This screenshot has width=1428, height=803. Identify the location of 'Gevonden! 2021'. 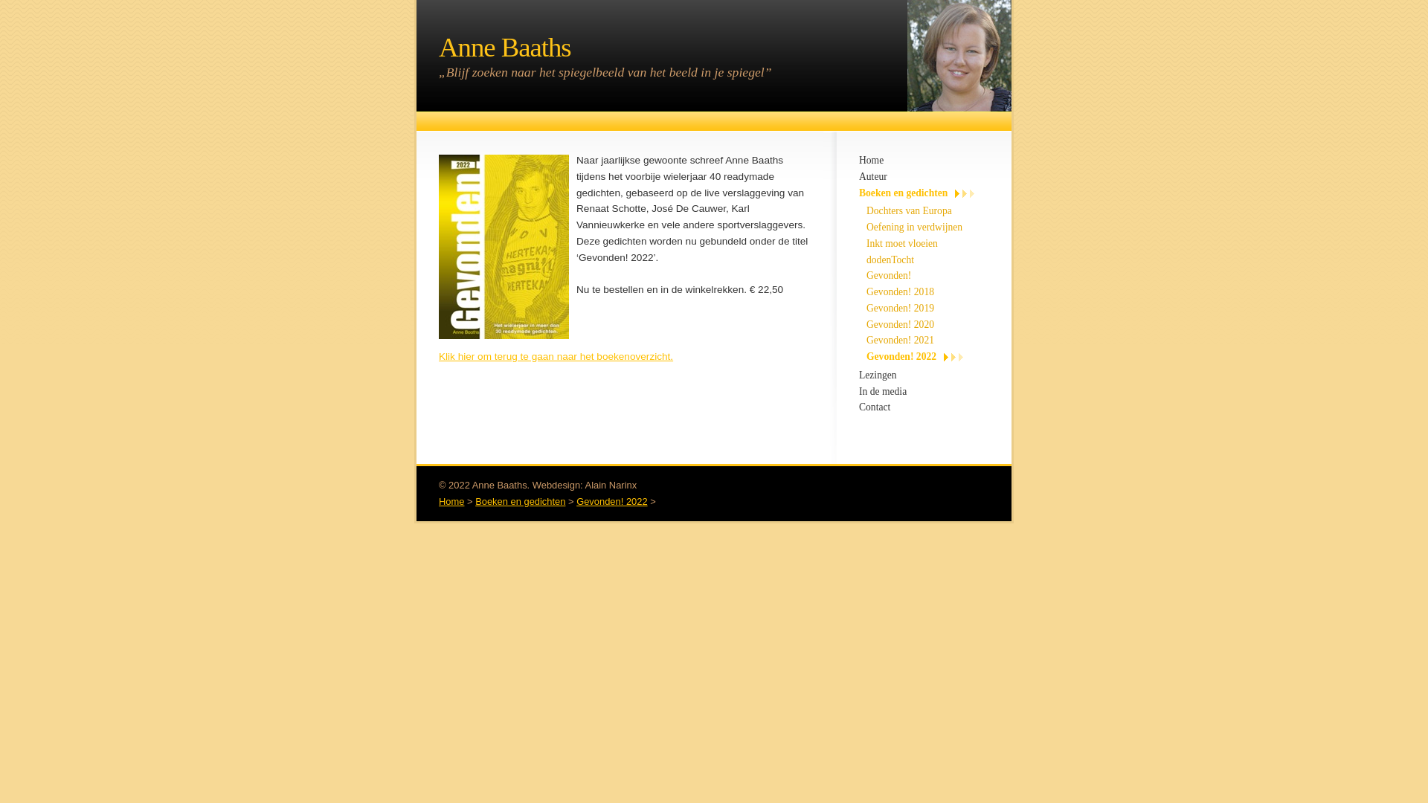
(866, 340).